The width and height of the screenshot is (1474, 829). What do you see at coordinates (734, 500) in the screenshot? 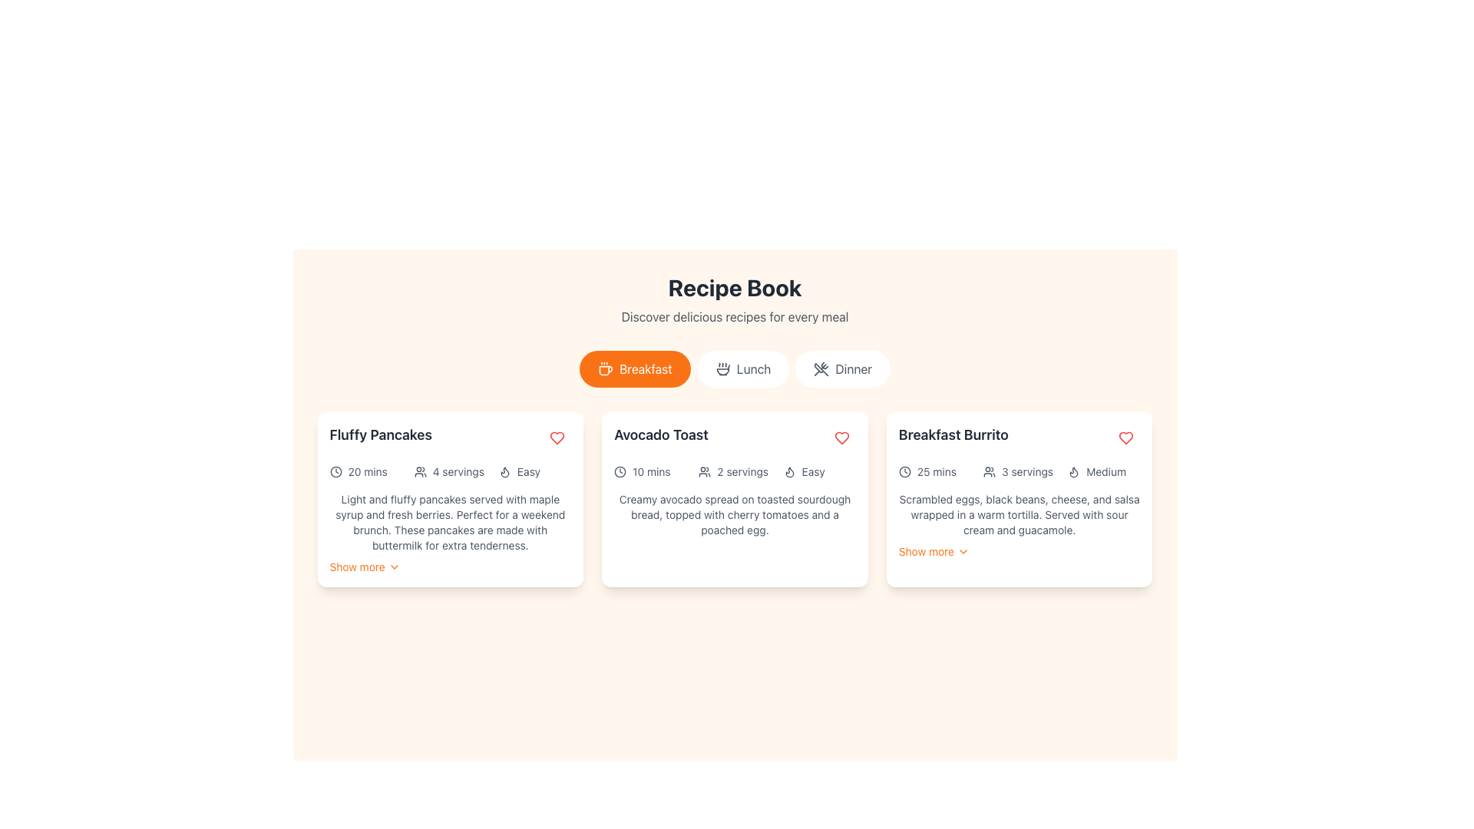
I see `the 'Avocado Toast' interactive card for accessibility interactions` at bounding box center [734, 500].